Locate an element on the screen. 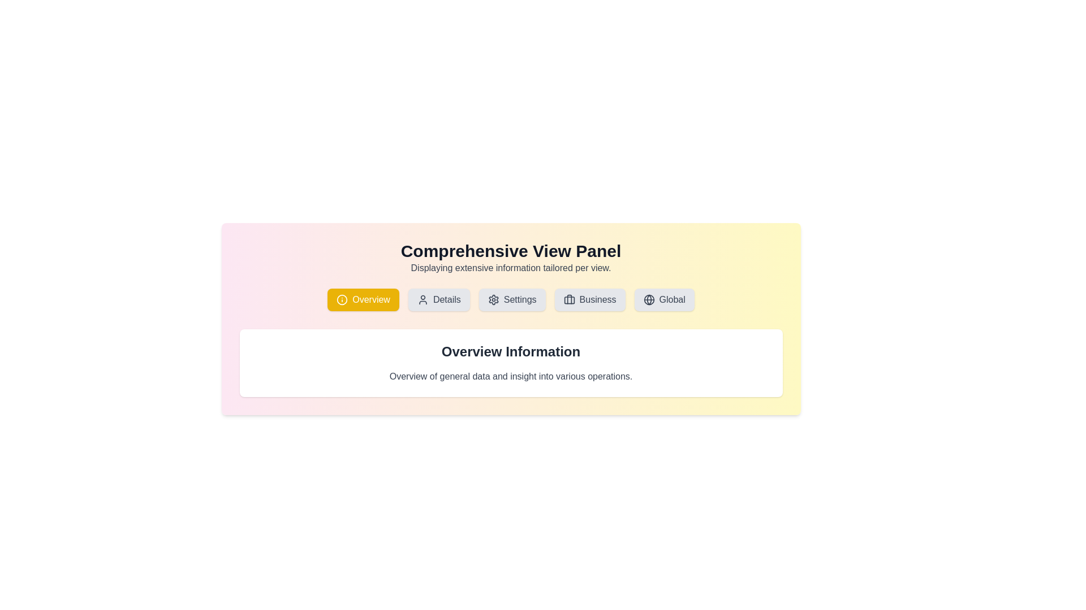 Image resolution: width=1086 pixels, height=610 pixels. the SVG circle representing the globe icon within the 'Global' button in the 'Comprehensive View Panel' is located at coordinates (649, 299).